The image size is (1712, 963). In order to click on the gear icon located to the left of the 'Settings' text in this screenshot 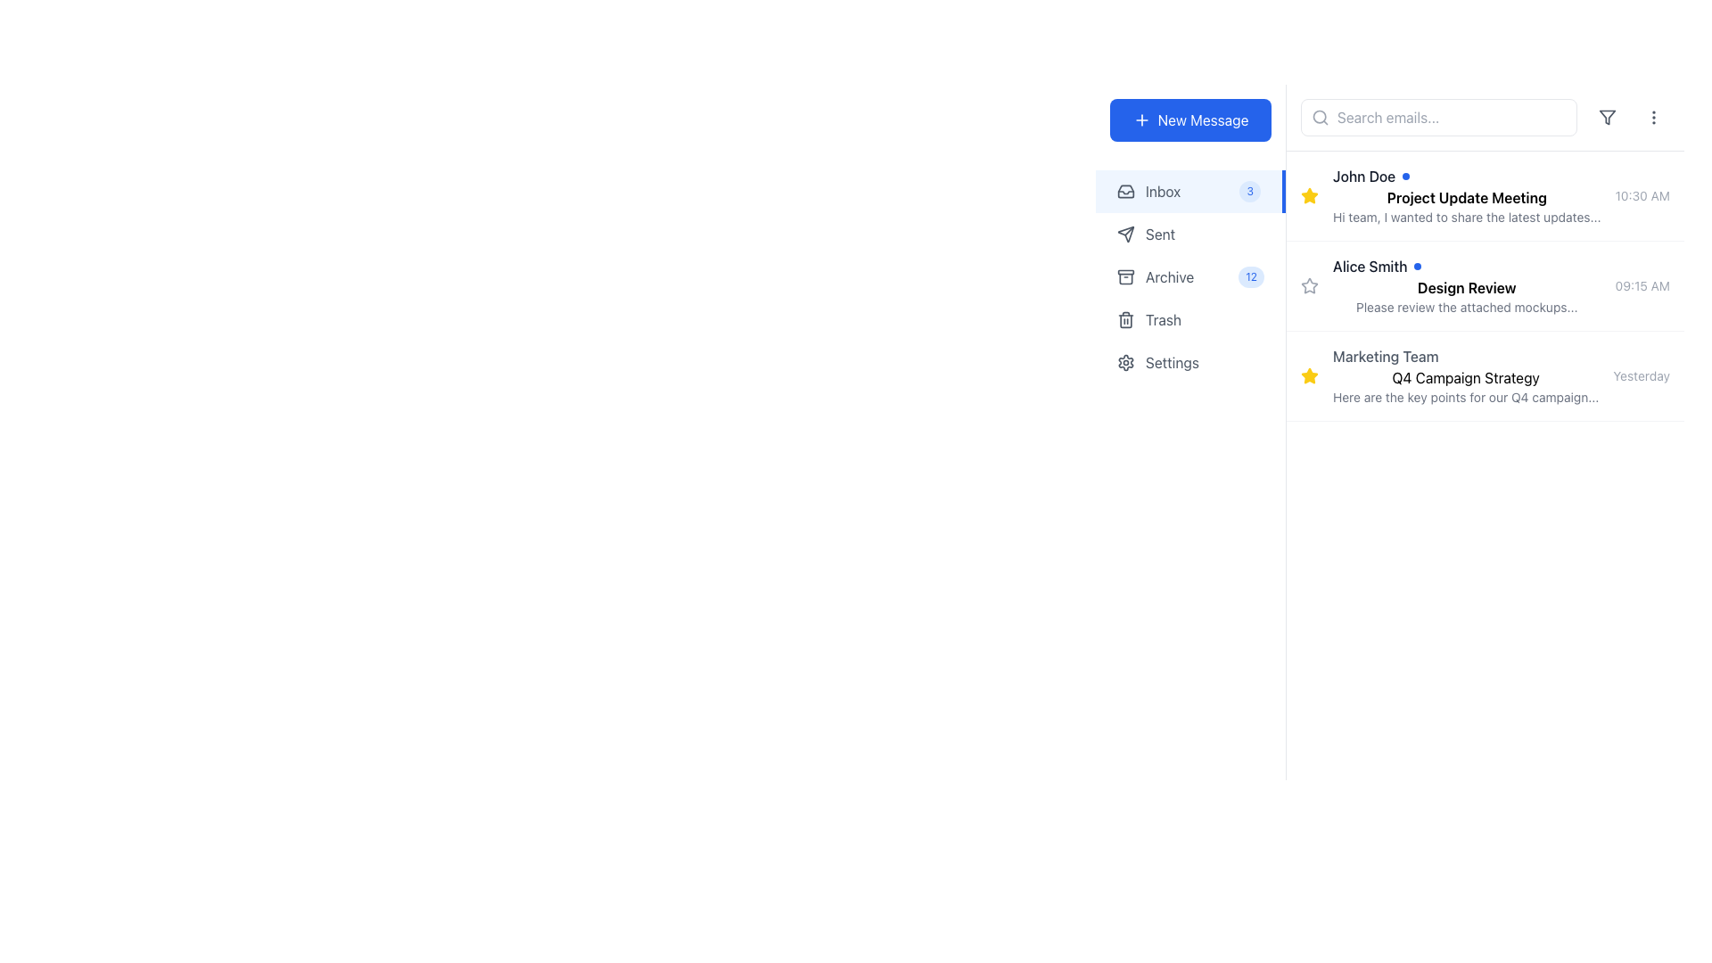, I will do `click(1124, 362)`.